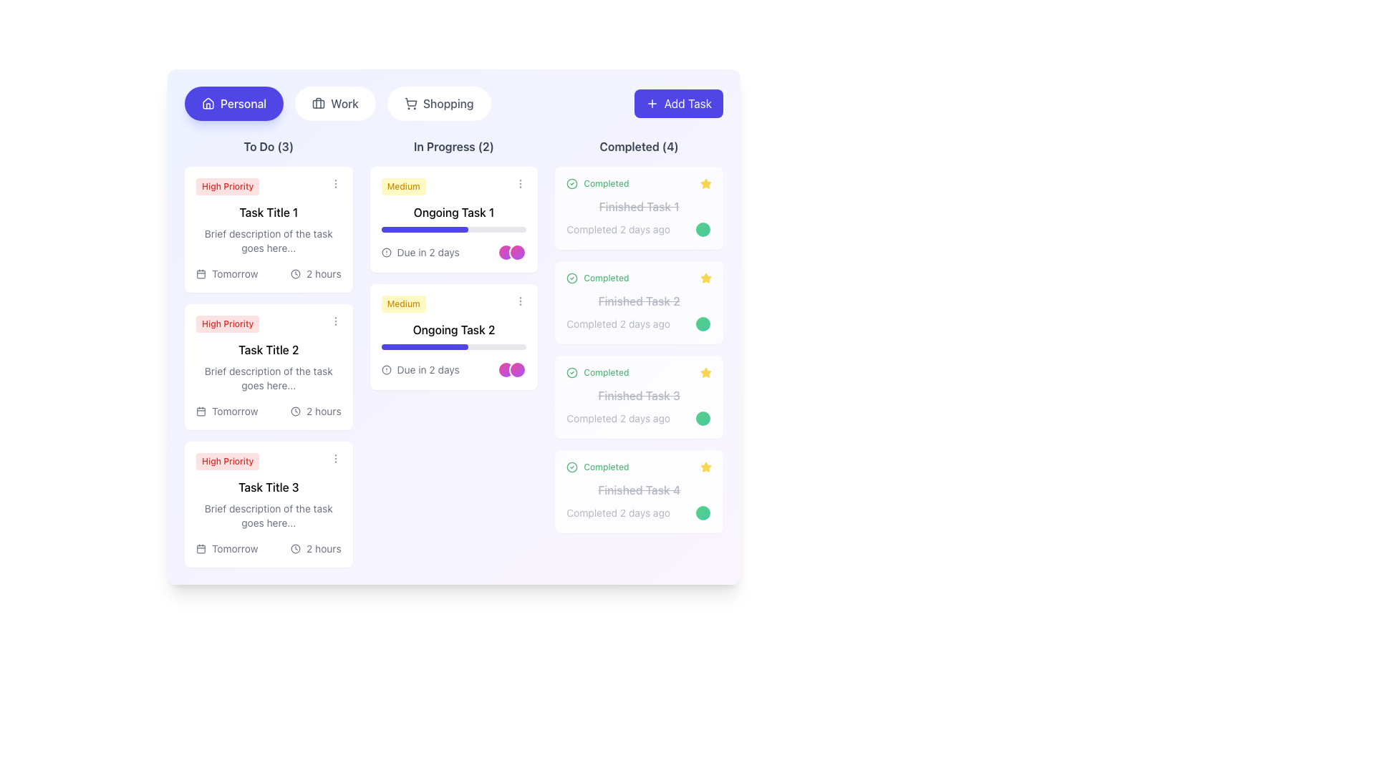 This screenshot has width=1375, height=773. I want to click on the circle element that serves as part of an icon or graphical representation, indicating time-sensitive information, located in the top right corner of the 'To Do' section, so click(295, 273).